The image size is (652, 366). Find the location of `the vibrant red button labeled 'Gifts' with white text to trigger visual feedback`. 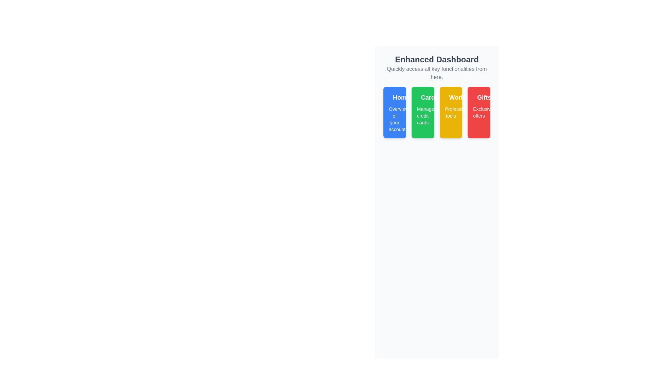

the vibrant red button labeled 'Gifts' with white text to trigger visual feedback is located at coordinates (478, 112).